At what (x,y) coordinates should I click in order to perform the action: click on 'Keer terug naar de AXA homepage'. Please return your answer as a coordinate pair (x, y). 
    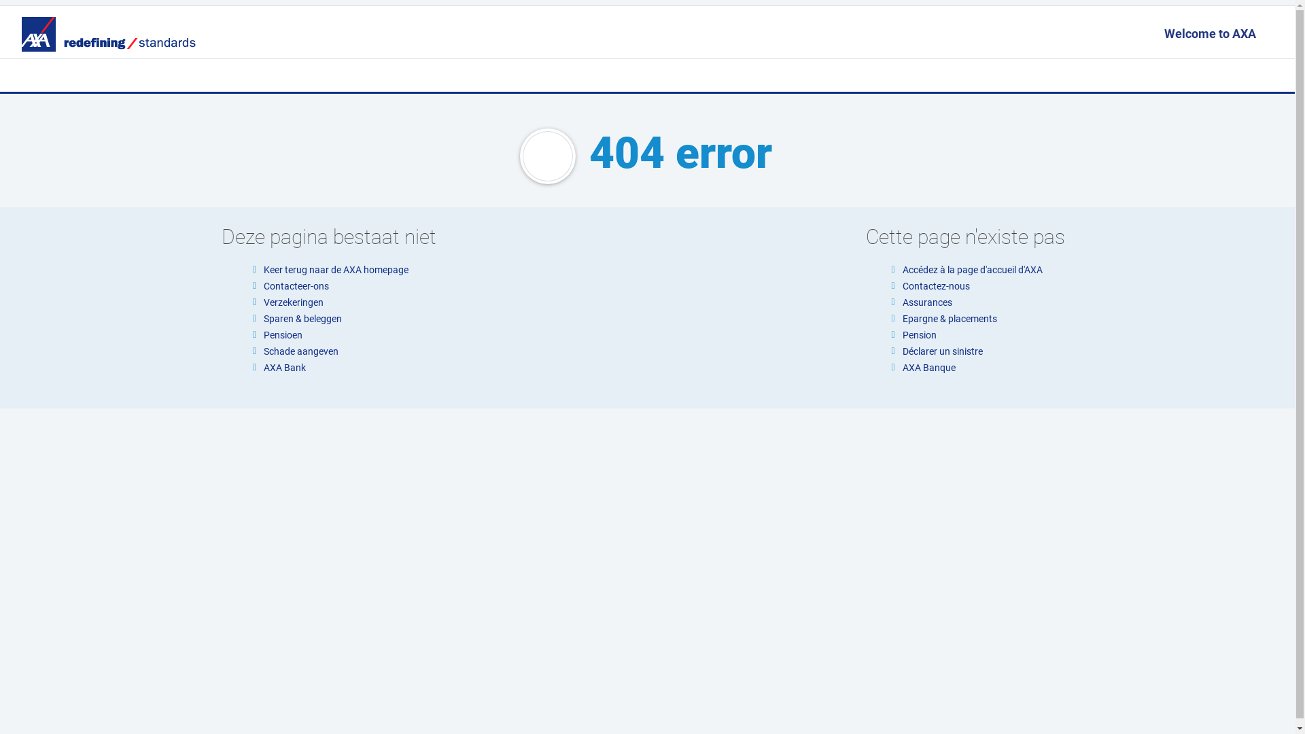
    Looking at the image, I should click on (336, 270).